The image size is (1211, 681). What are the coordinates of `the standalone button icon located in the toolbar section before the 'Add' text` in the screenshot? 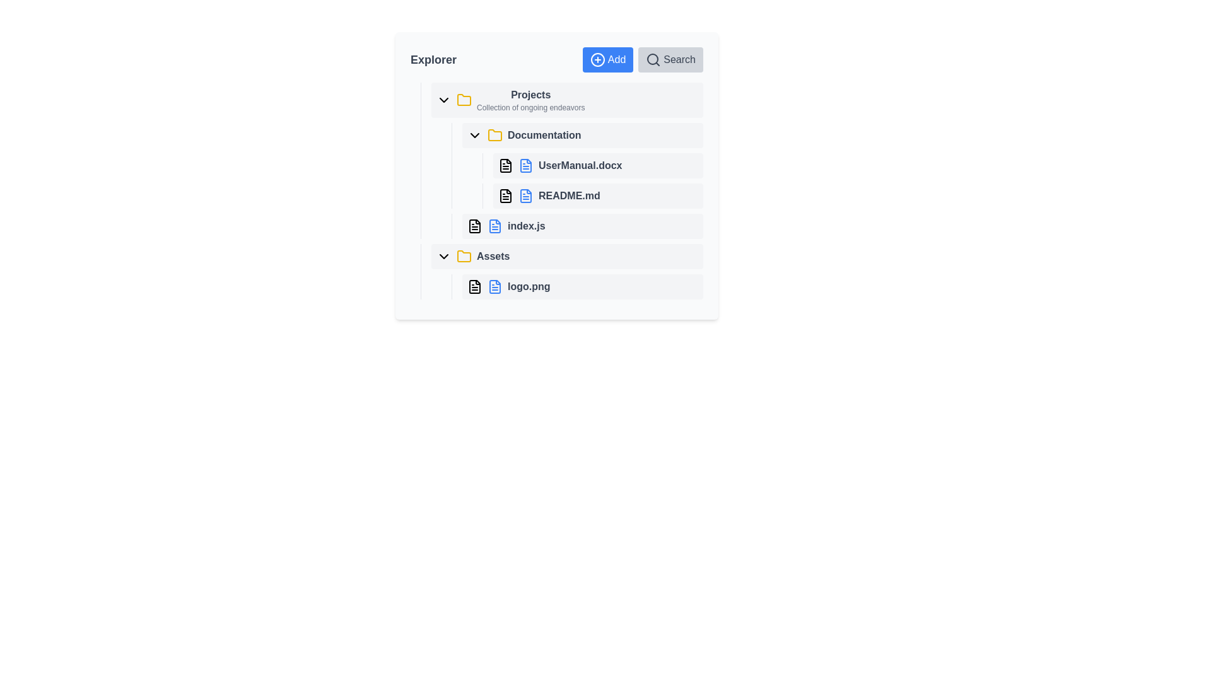 It's located at (597, 60).